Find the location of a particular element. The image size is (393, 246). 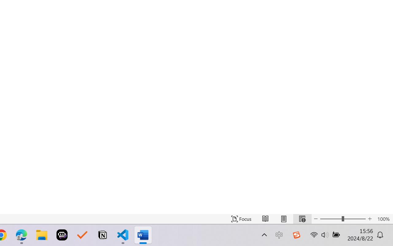

'Zoom Out' is located at coordinates (330, 219).